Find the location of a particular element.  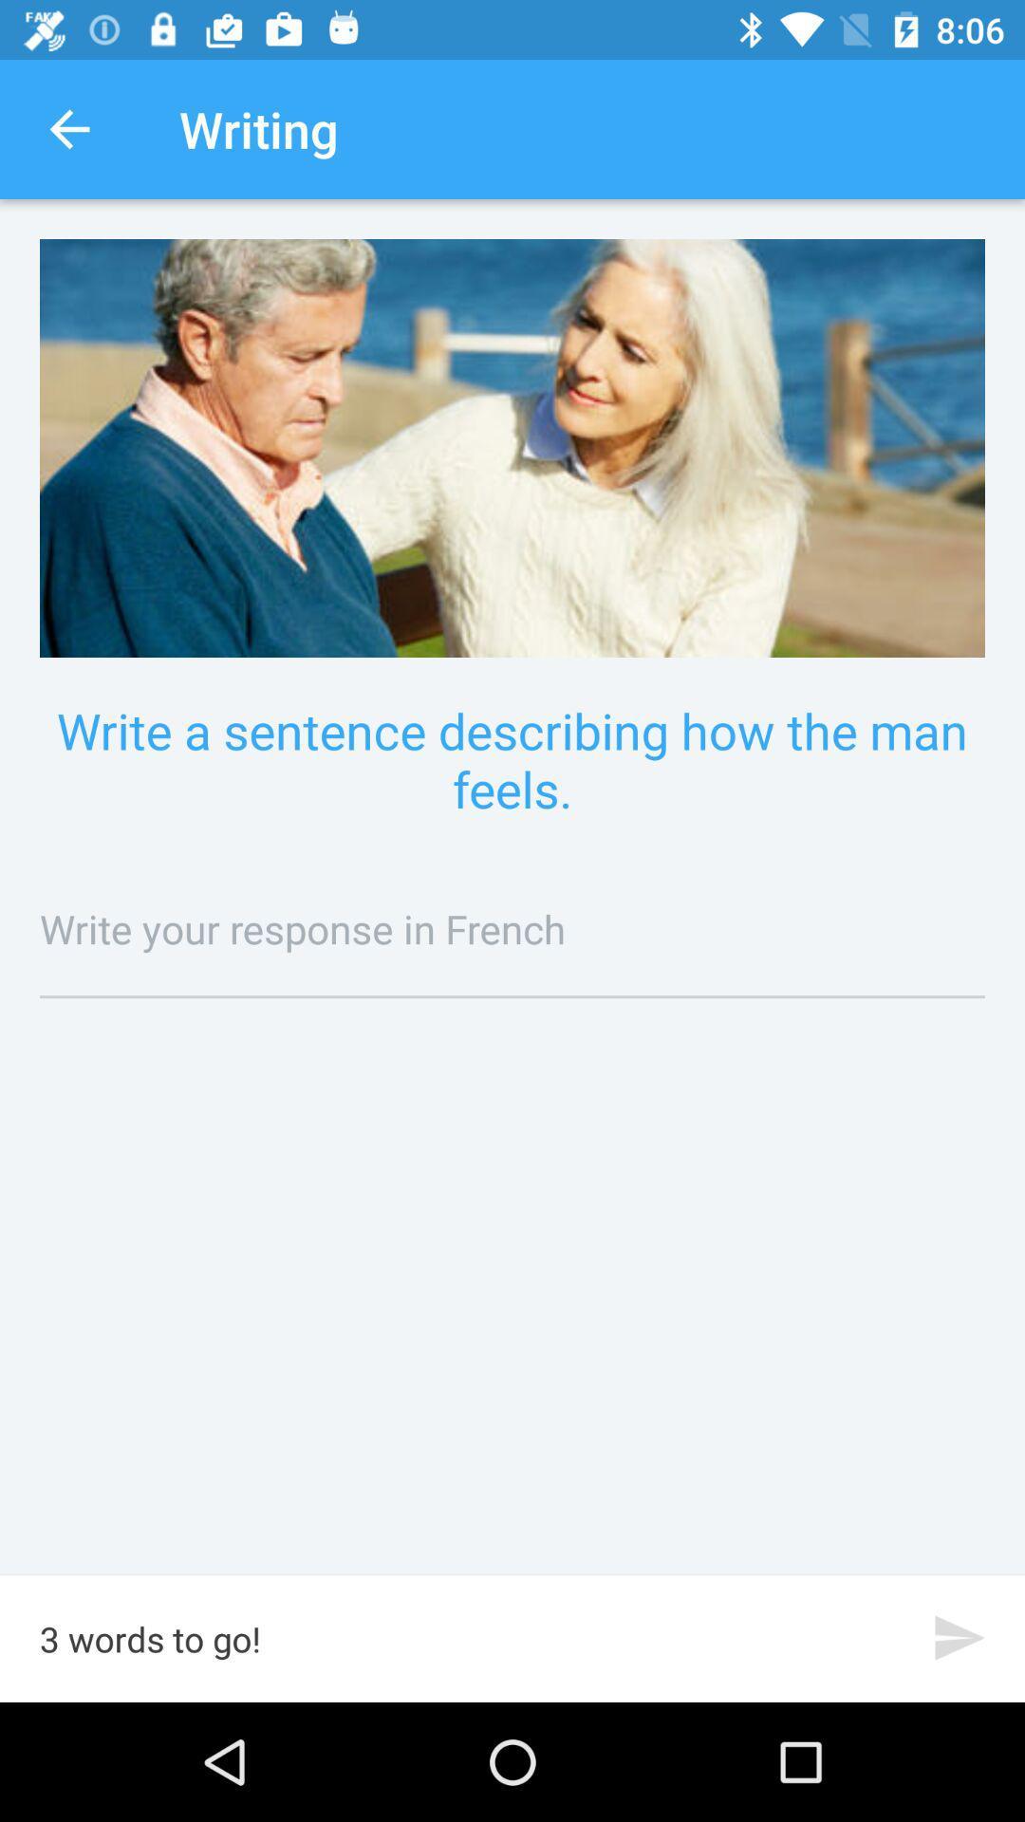

icon next to writing item is located at coordinates (68, 128).